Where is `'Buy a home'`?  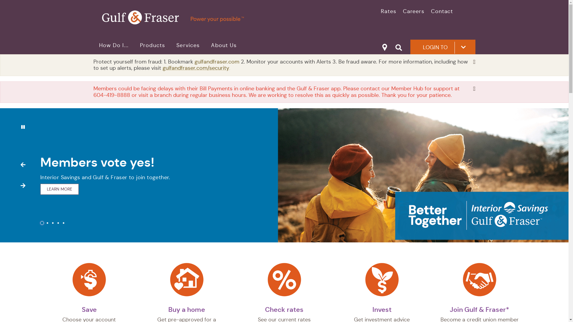 'Buy a home' is located at coordinates (186, 309).